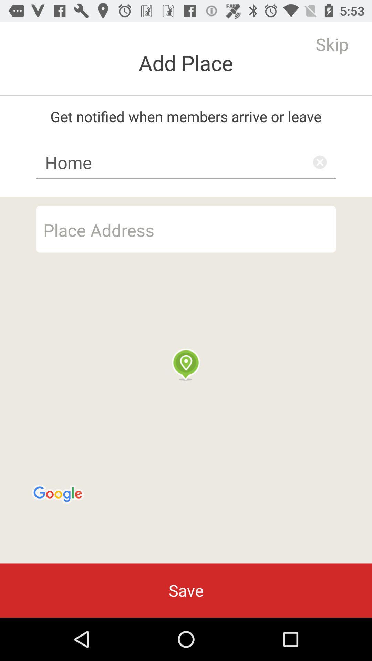  I want to click on the save item, so click(186, 590).